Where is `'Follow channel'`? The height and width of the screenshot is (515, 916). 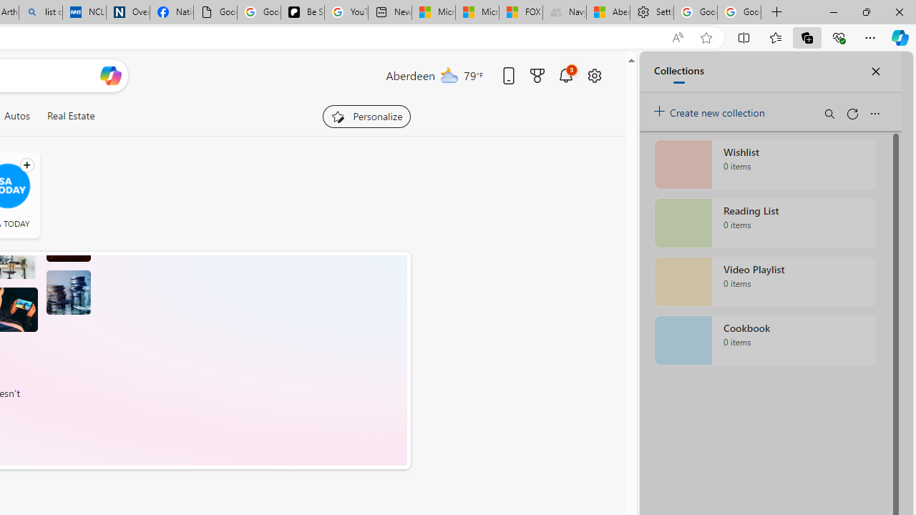 'Follow channel' is located at coordinates (26, 165).